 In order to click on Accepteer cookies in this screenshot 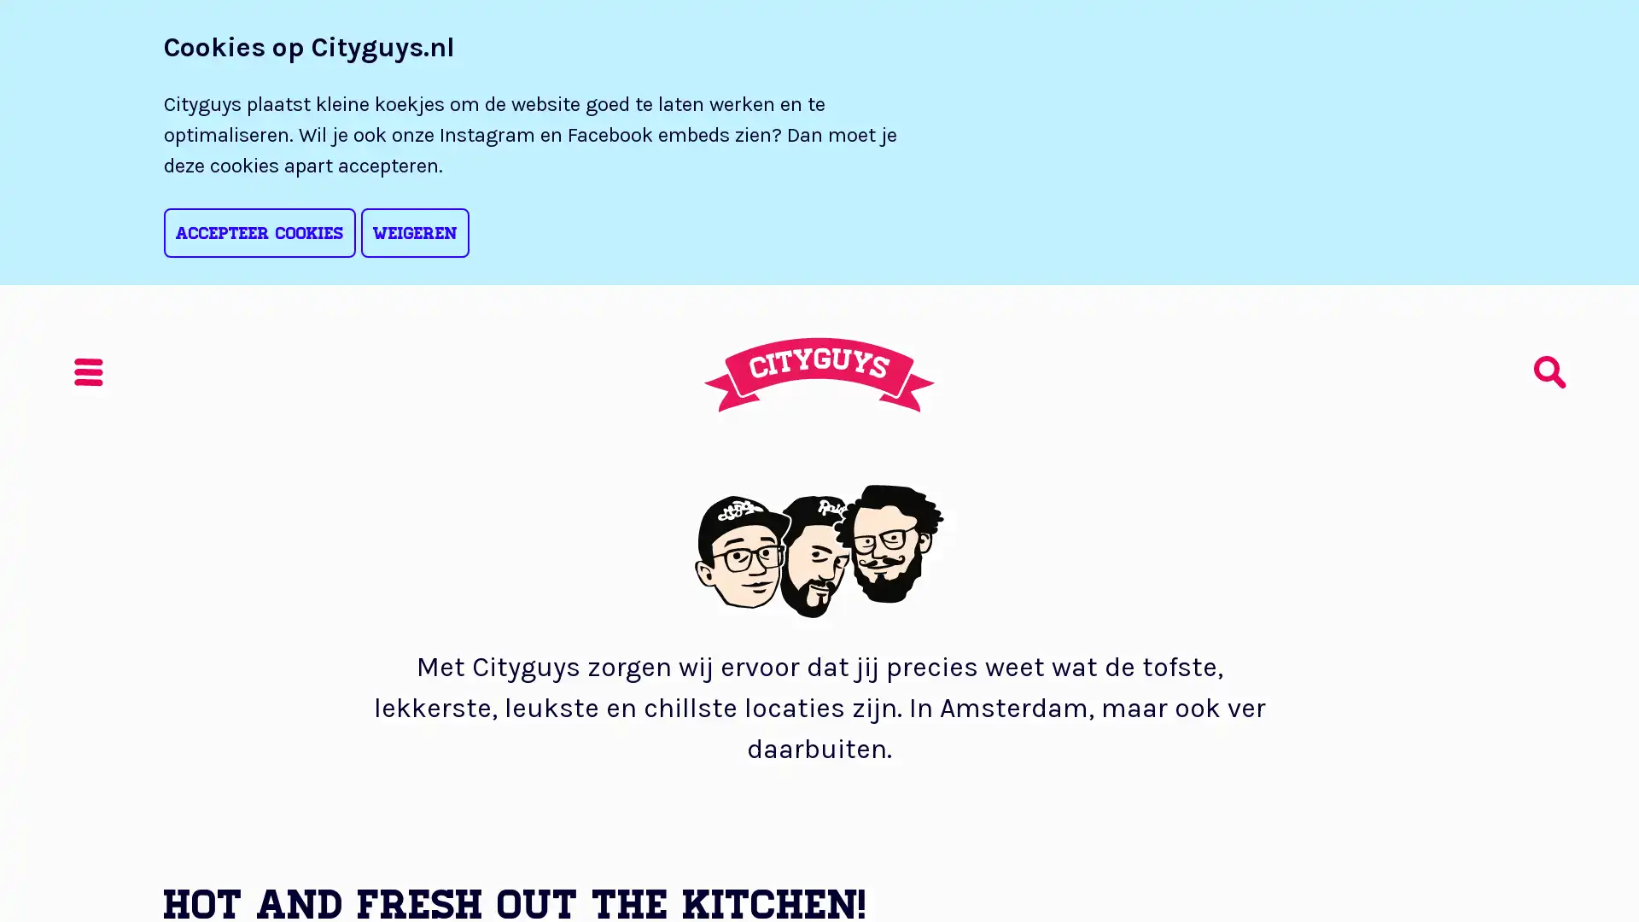, I will do `click(259, 233)`.